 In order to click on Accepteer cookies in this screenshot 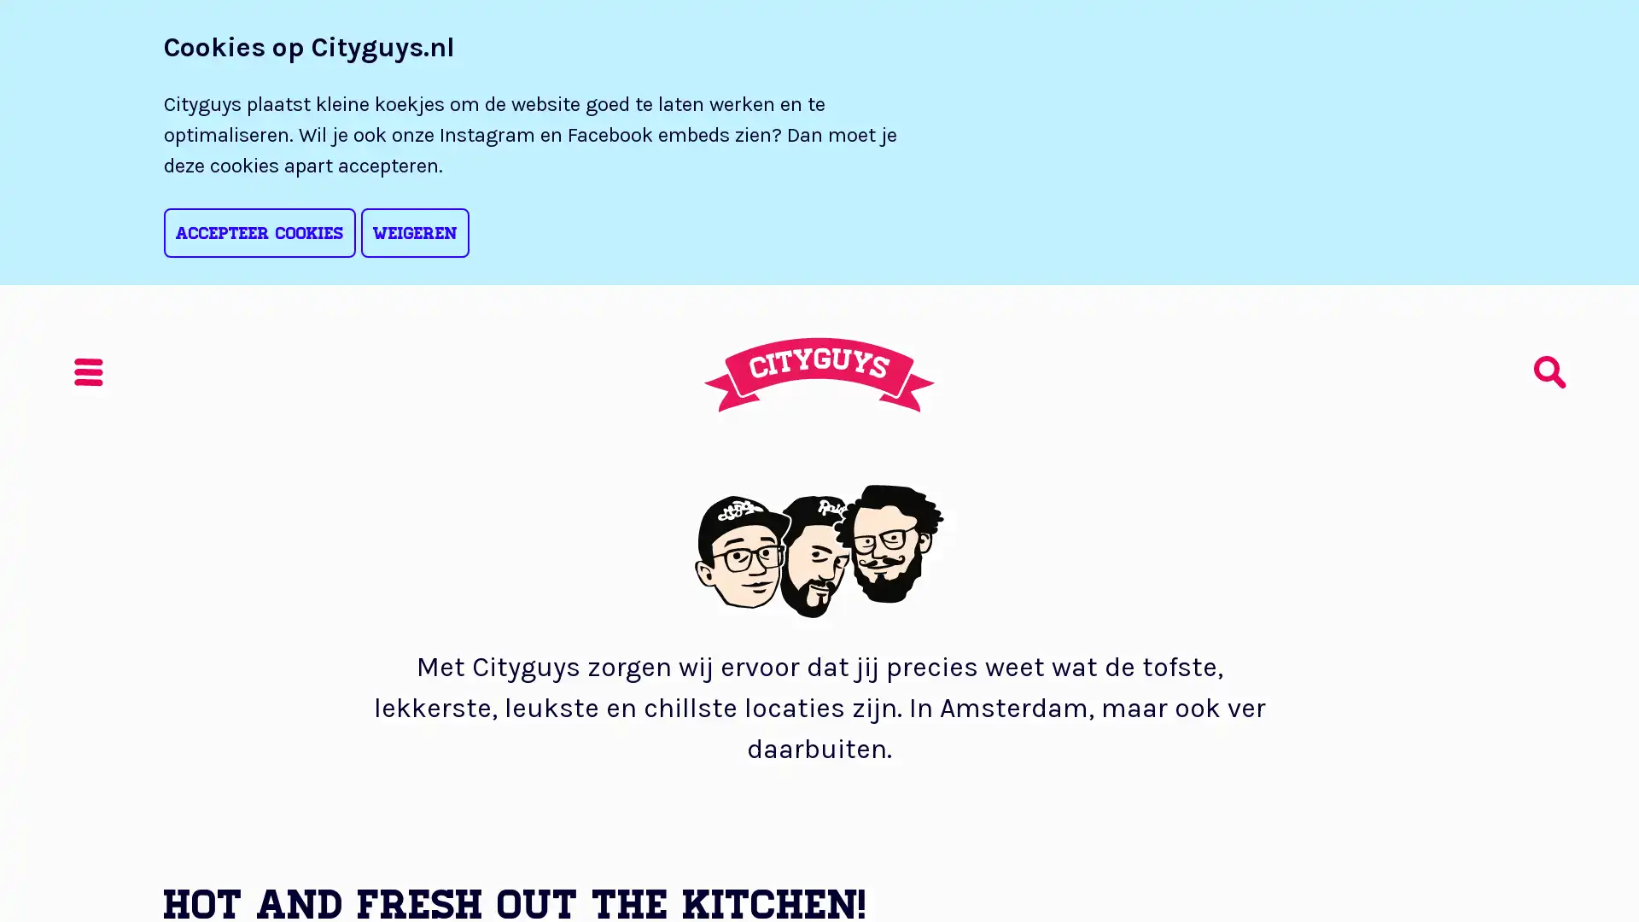, I will do `click(259, 233)`.